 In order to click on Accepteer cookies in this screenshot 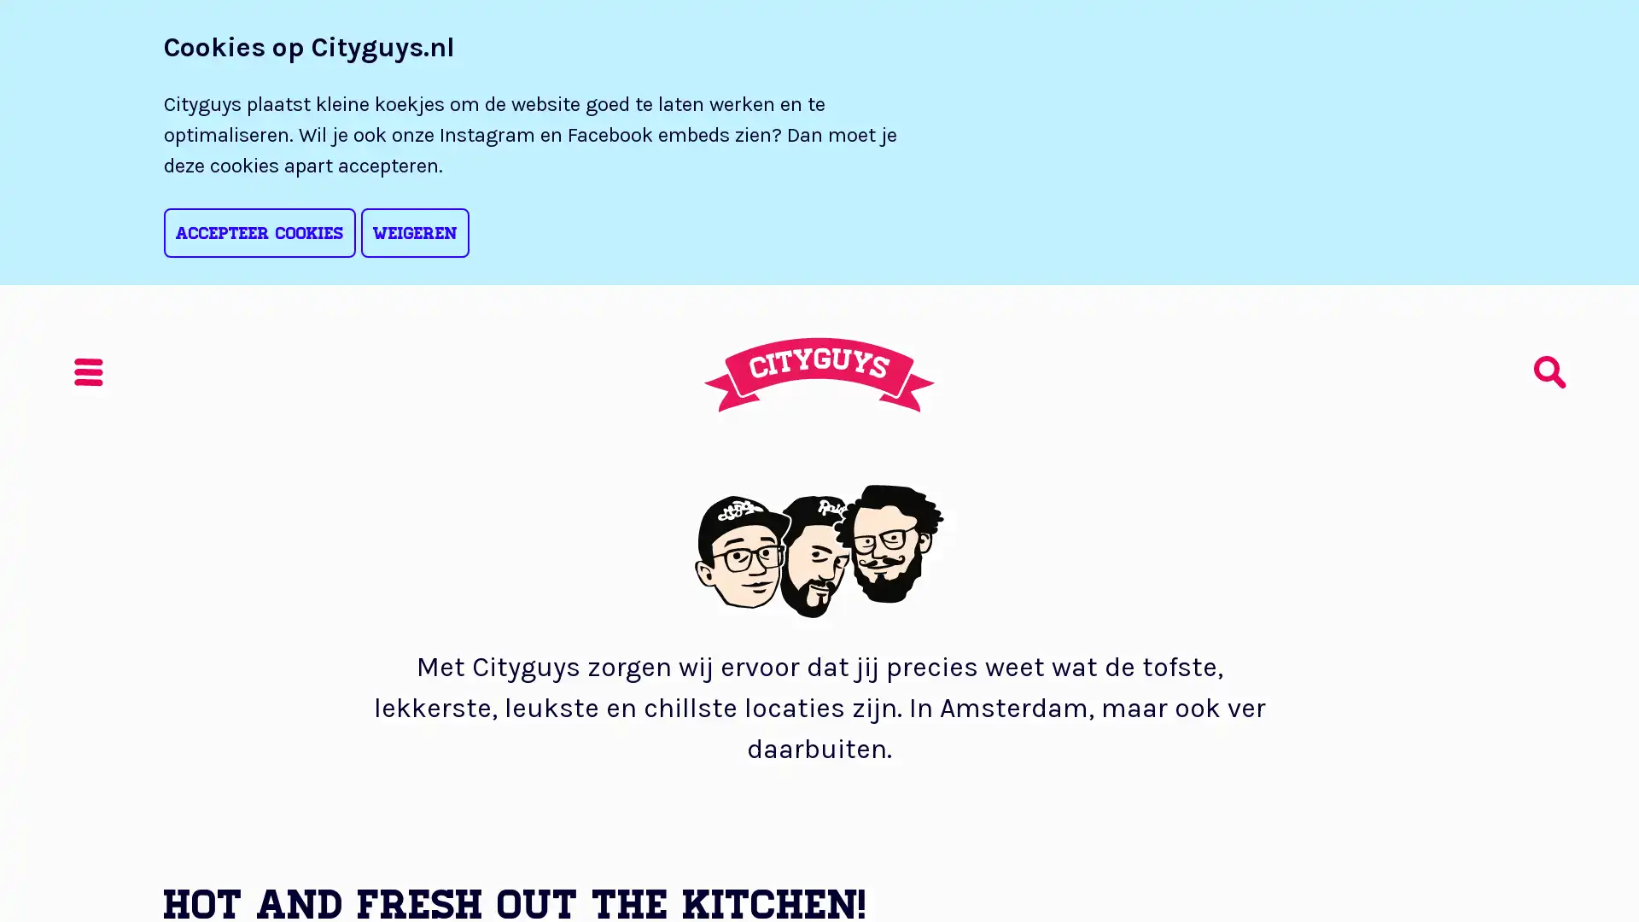, I will do `click(259, 233)`.